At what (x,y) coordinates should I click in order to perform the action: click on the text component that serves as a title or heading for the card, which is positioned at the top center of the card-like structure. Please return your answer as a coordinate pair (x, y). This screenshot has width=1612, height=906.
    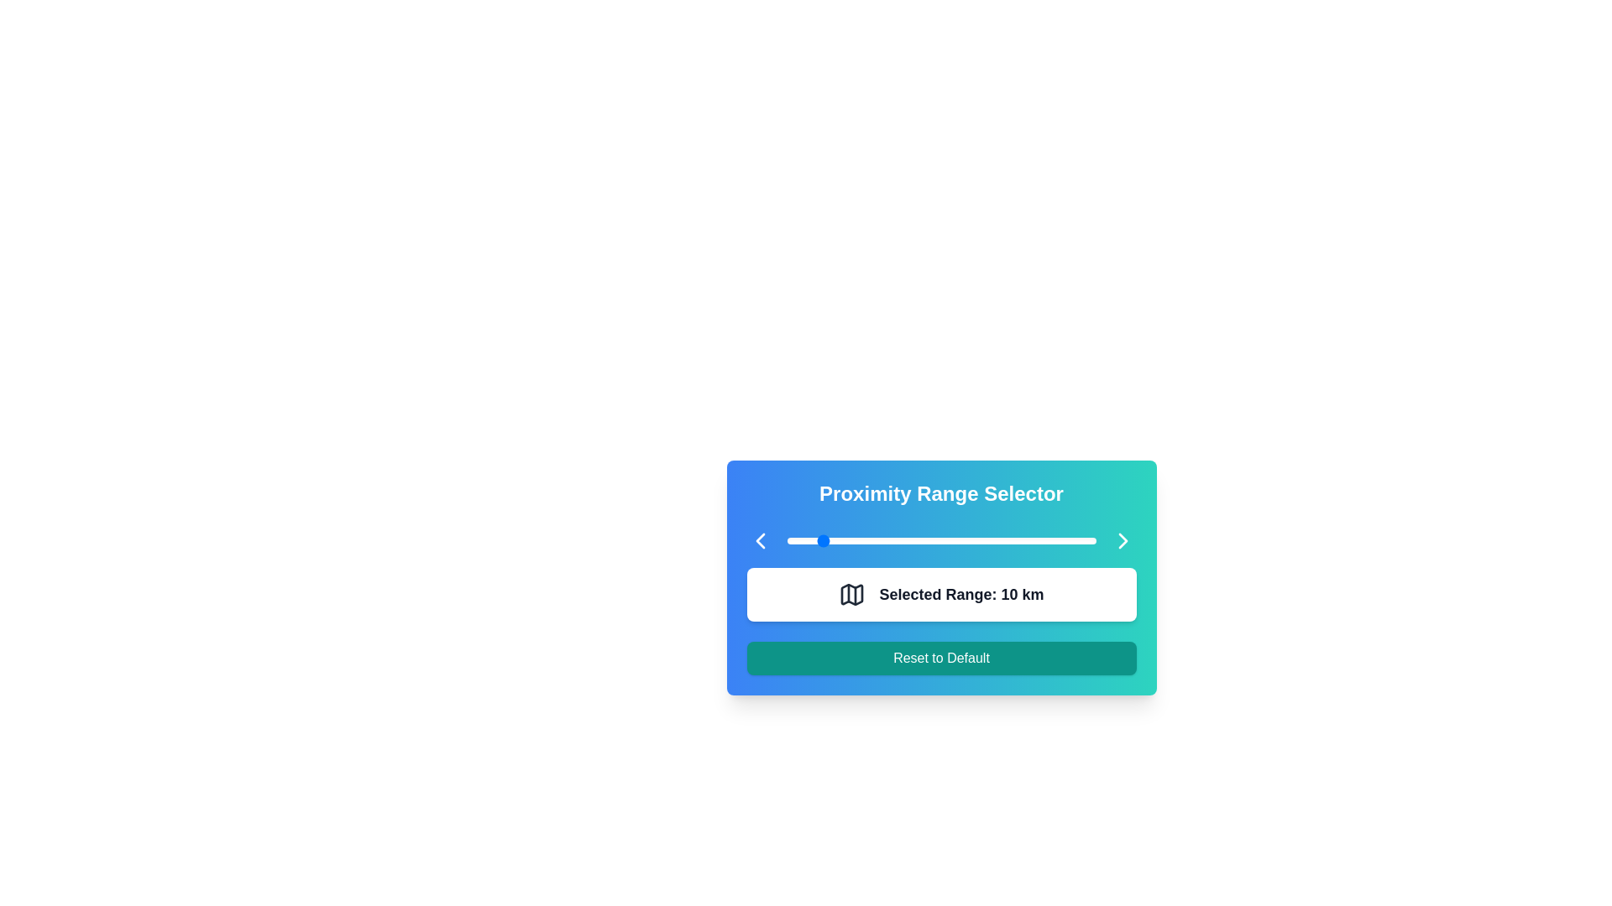
    Looking at the image, I should click on (941, 493).